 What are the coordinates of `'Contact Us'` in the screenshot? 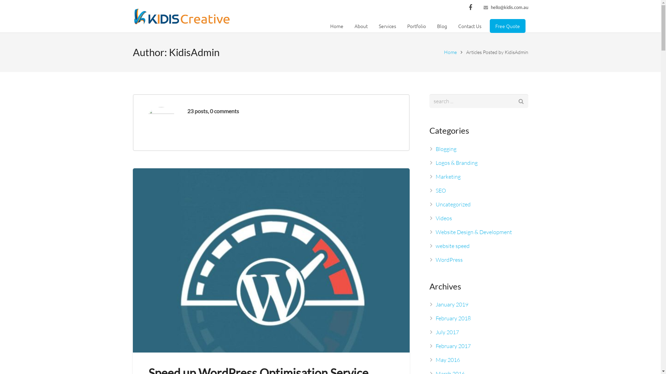 It's located at (469, 25).